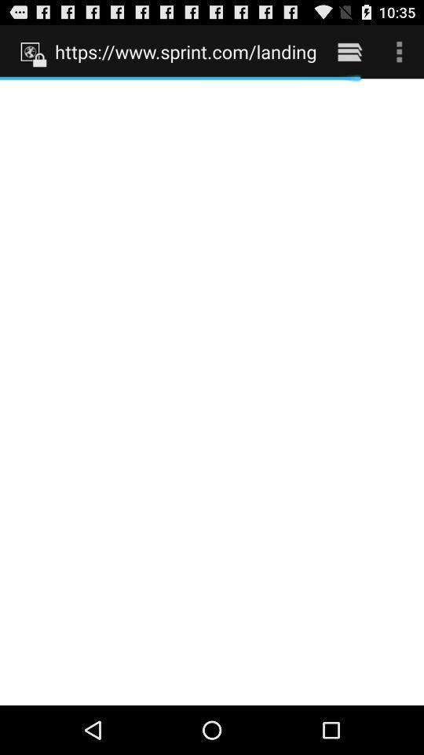 The height and width of the screenshot is (755, 424). What do you see at coordinates (212, 391) in the screenshot?
I see `icon below the https www sprint item` at bounding box center [212, 391].